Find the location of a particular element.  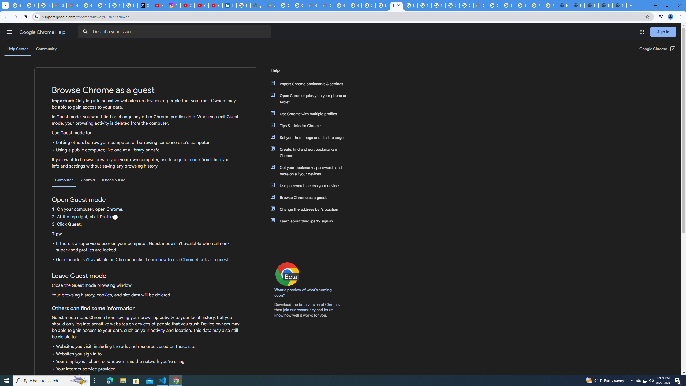

'Android' is located at coordinates (88, 180).